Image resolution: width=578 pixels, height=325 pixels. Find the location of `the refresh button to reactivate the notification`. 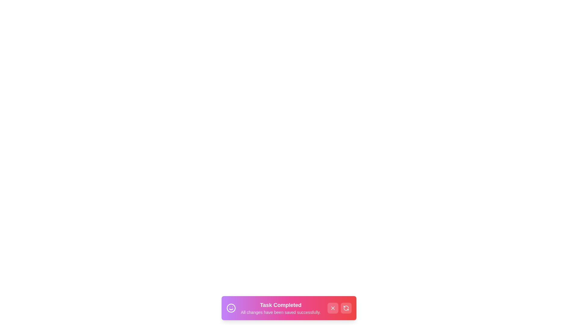

the refresh button to reactivate the notification is located at coordinates (346, 308).